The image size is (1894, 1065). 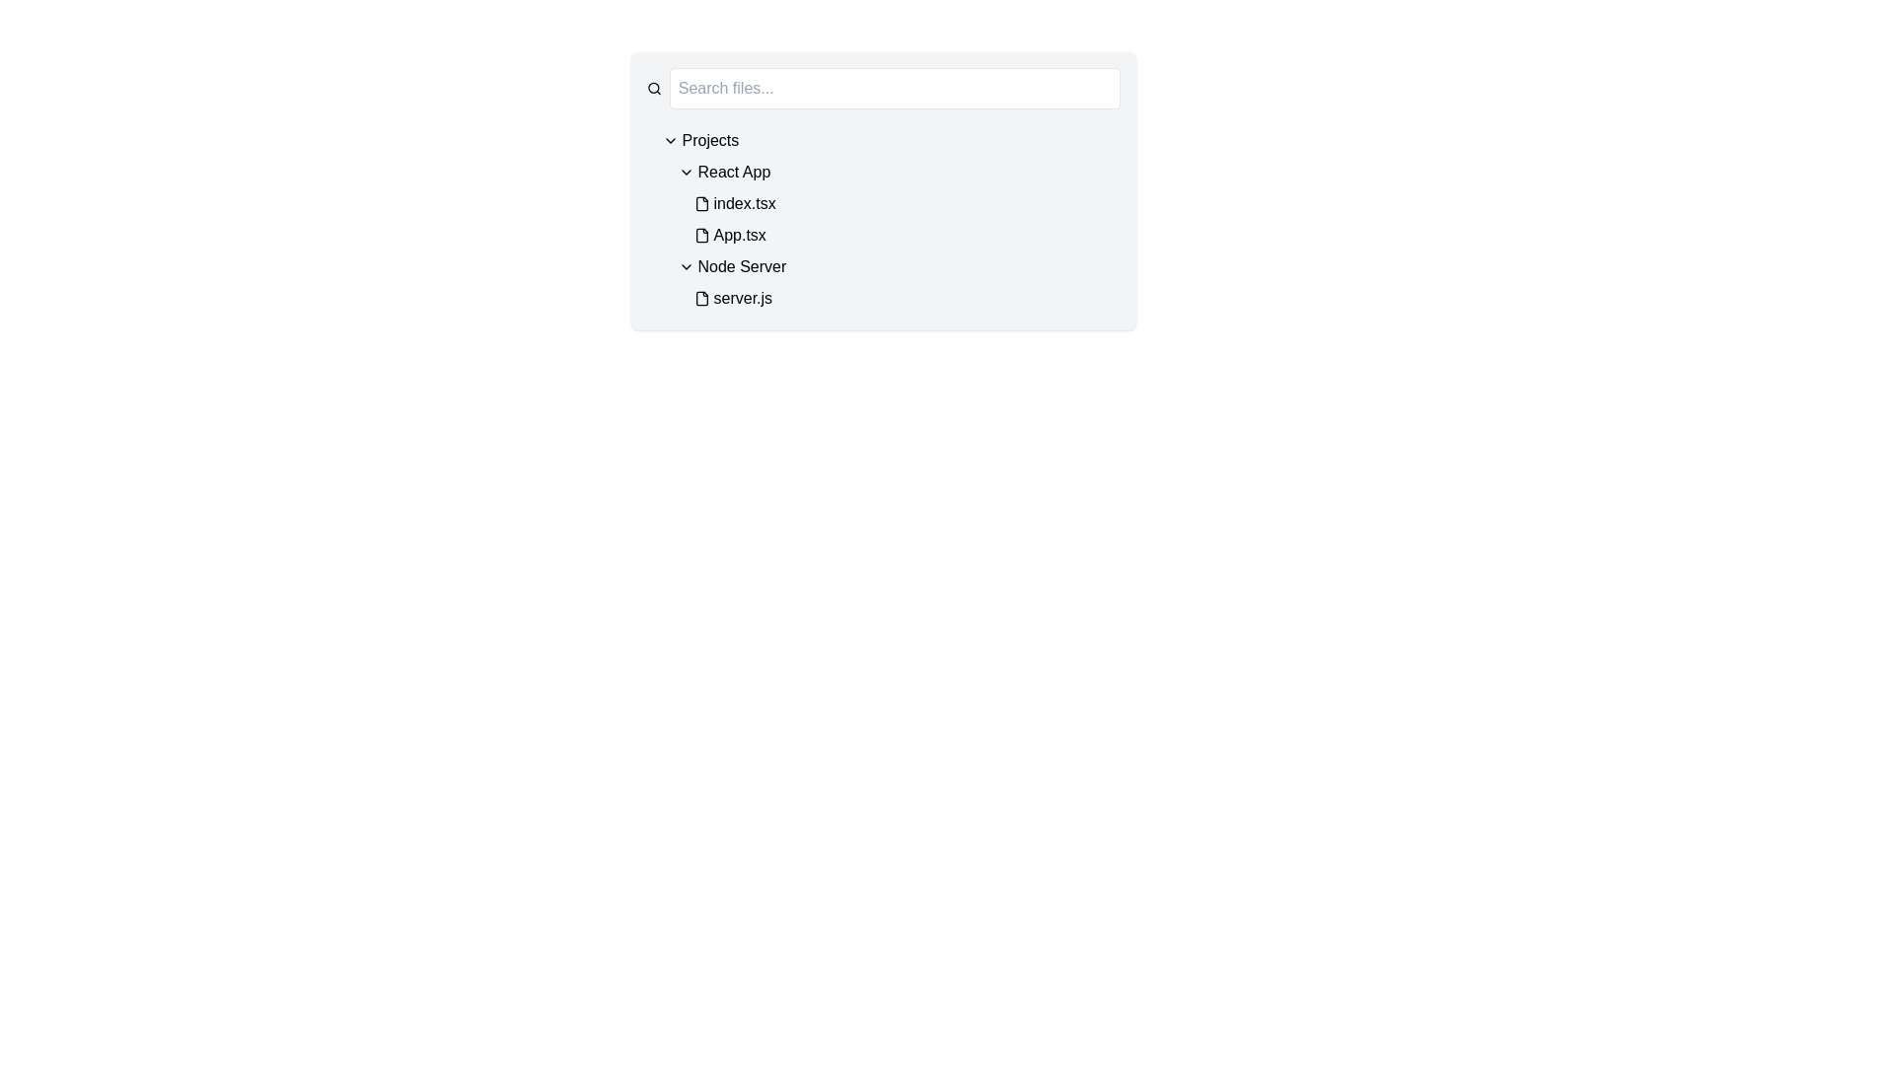 What do you see at coordinates (653, 87) in the screenshot?
I see `the SVG circle element that represents the lens of the magnifying glass in the search icon, located near the top-left corner of the search field` at bounding box center [653, 87].